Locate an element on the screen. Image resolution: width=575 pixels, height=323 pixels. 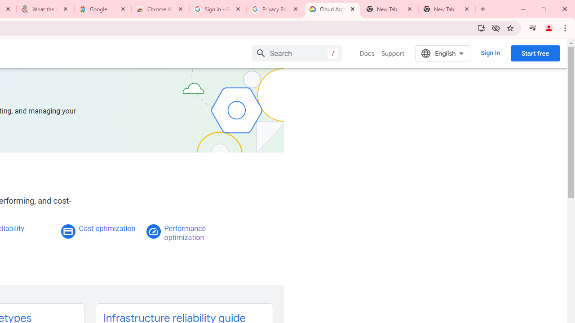
'Docs' is located at coordinates (367, 53).